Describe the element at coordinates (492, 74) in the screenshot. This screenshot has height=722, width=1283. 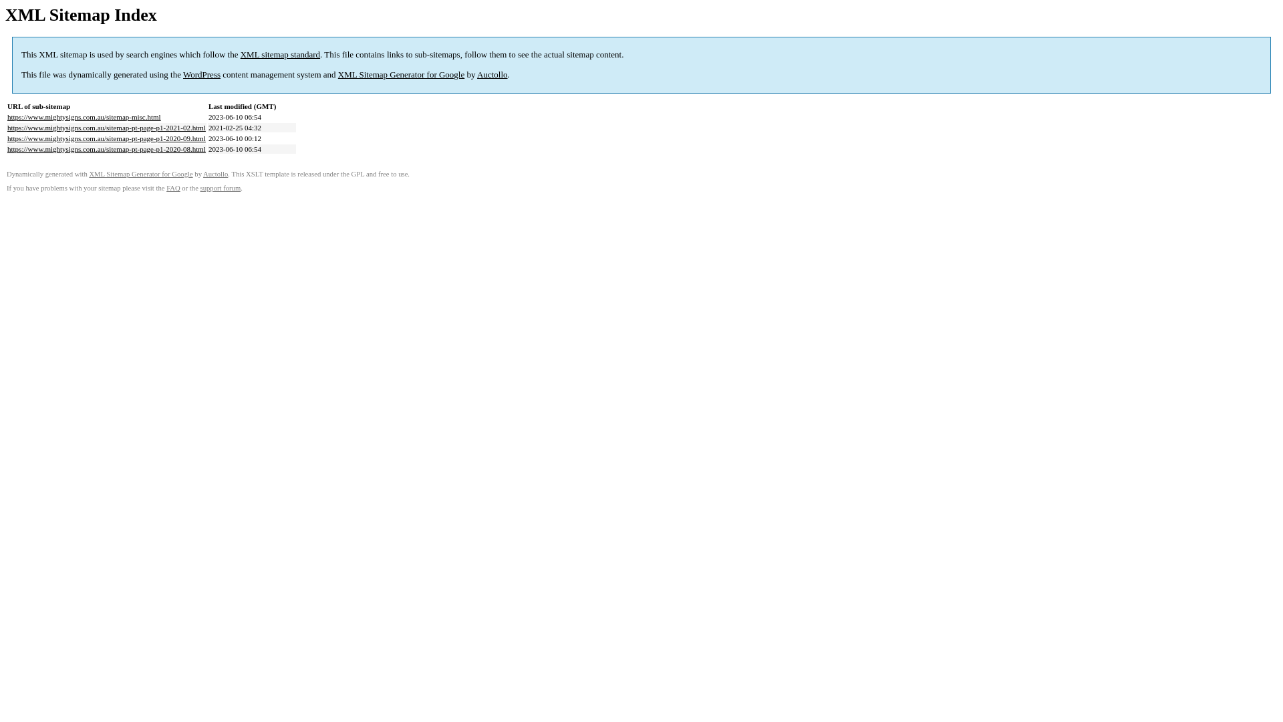
I see `'Auctollo'` at that location.